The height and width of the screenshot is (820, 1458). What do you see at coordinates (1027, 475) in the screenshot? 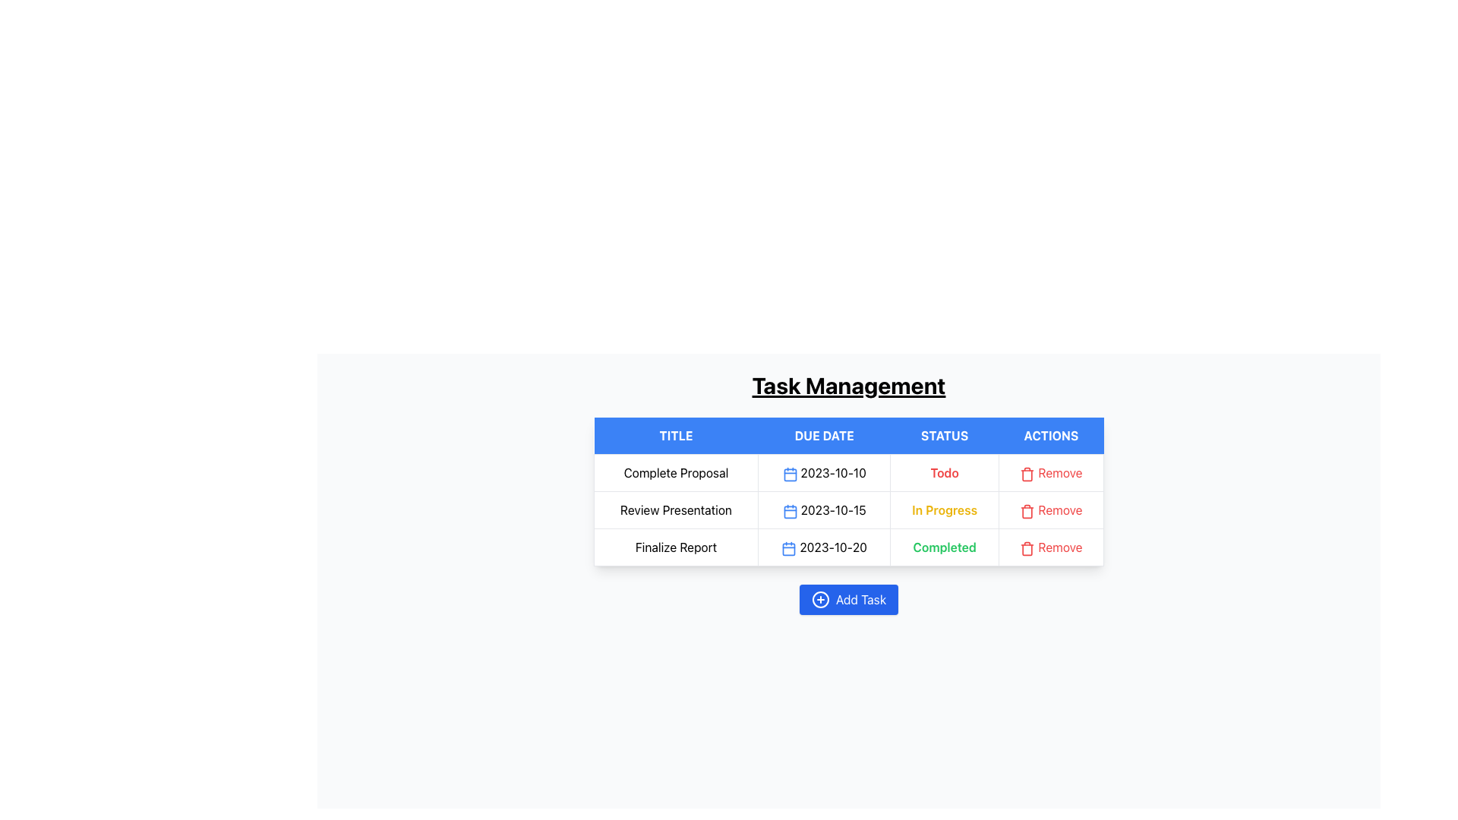
I see `the trash can icon located in the 'Actions' column of the Task Management table, adjacent to the 'Remove' label to initiate a delete action for the specific task` at bounding box center [1027, 475].